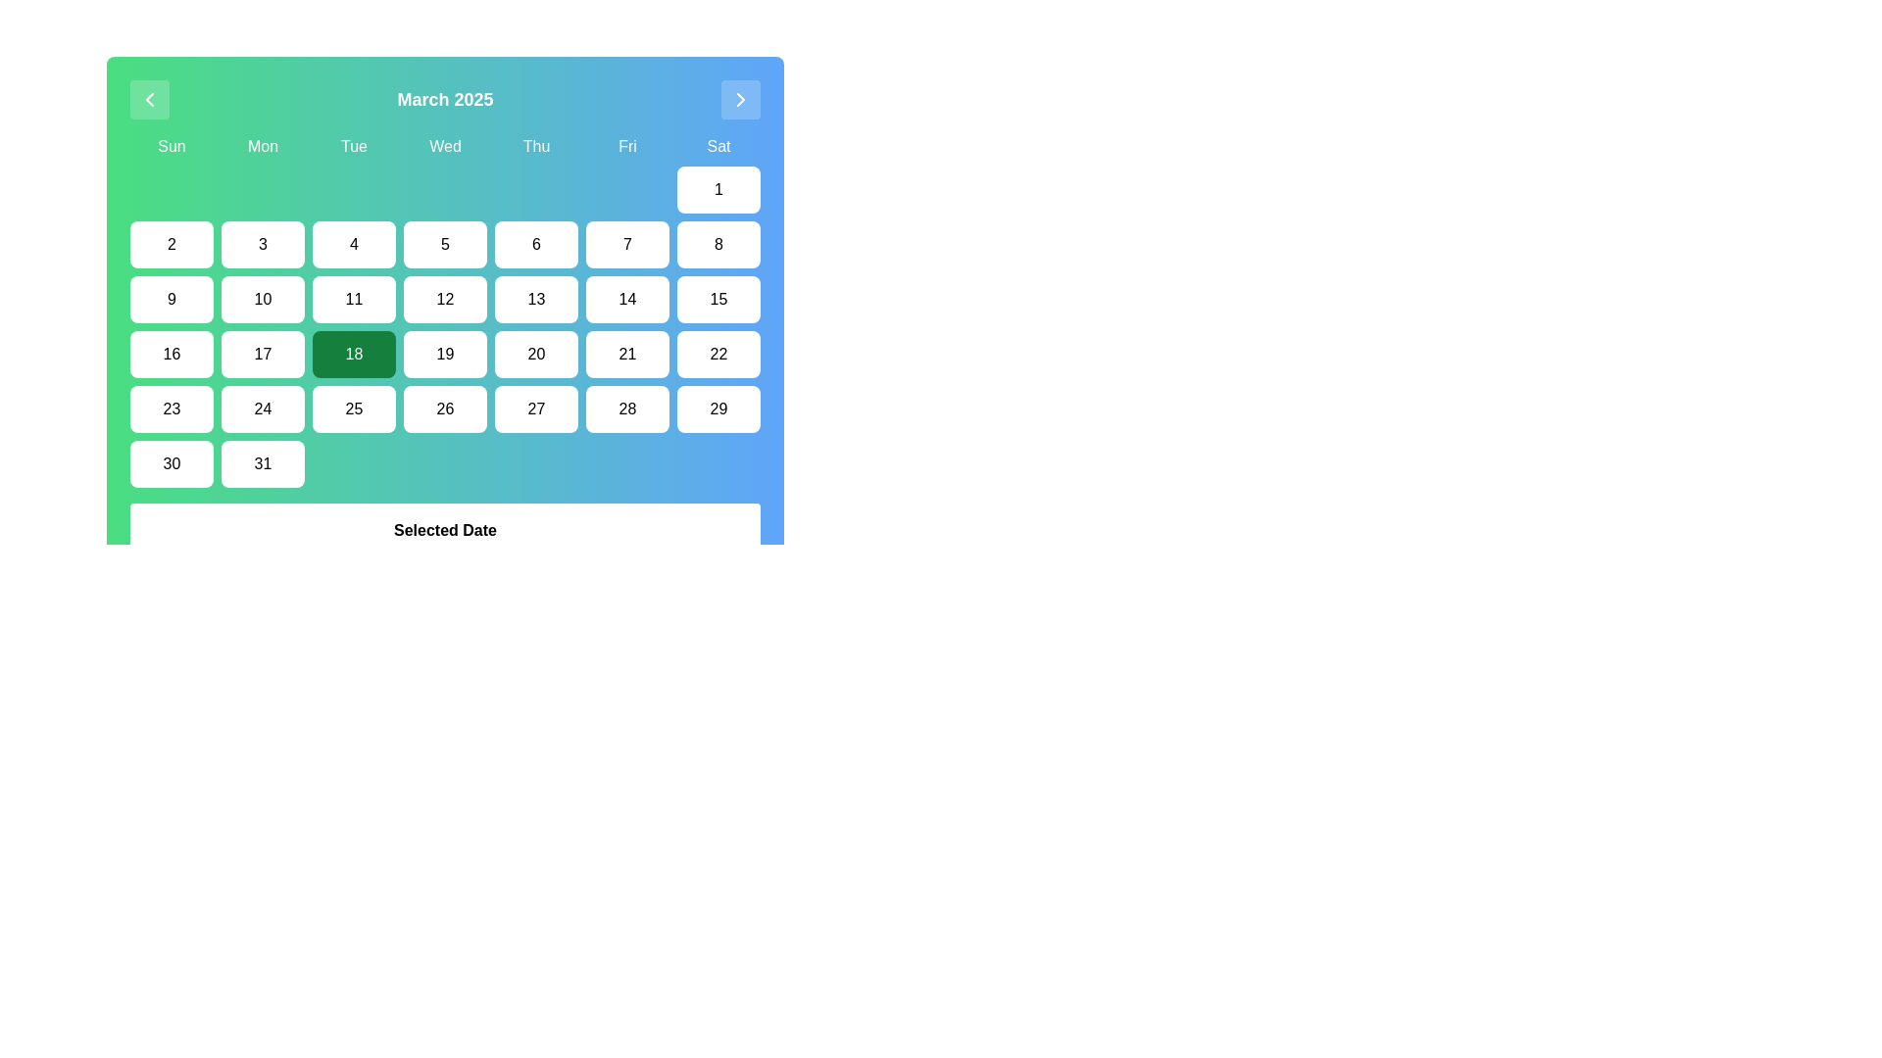 The width and height of the screenshot is (1882, 1058). I want to click on the rectangular button with rounded corners that displays the number '31' in black text, located in the bottom-right corner of the calendar grid, so click(262, 464).